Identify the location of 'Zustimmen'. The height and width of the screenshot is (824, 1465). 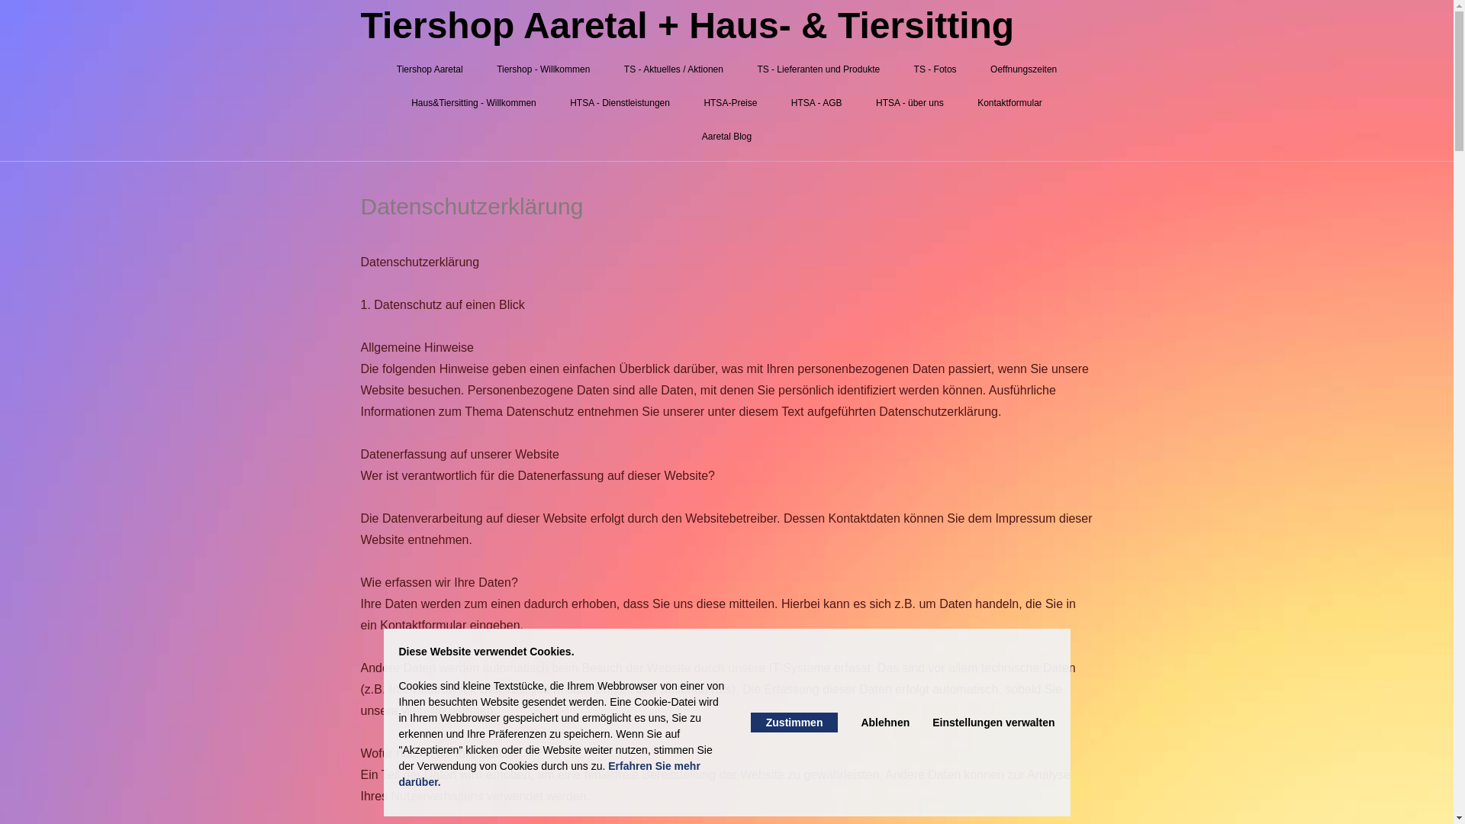
(794, 722).